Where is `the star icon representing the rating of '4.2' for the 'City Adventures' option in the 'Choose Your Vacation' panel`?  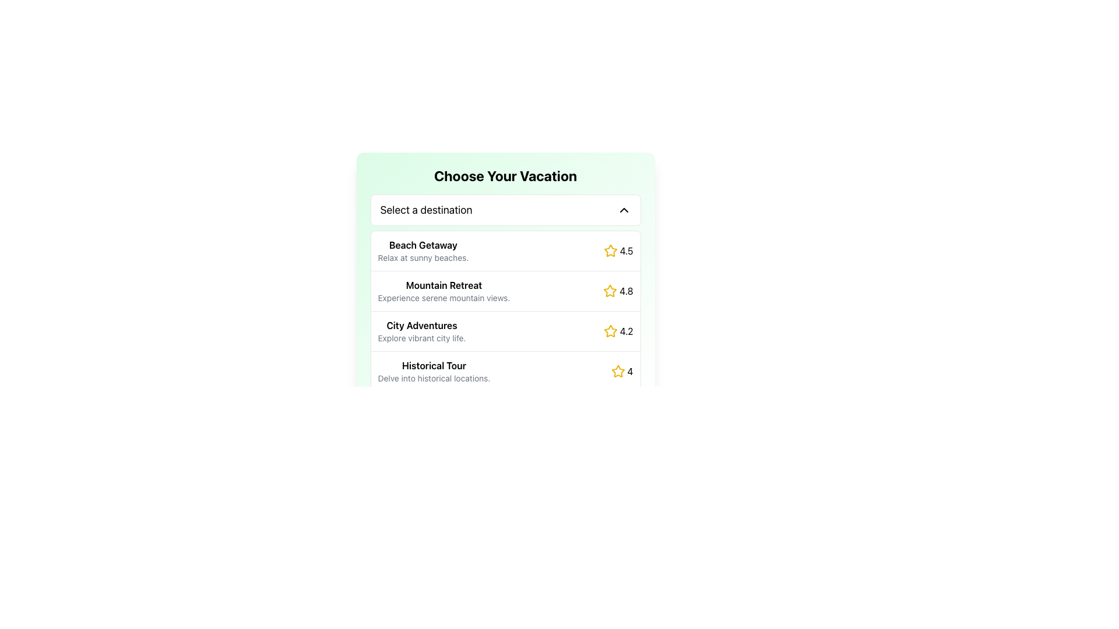 the star icon representing the rating of '4.2' for the 'City Adventures' option in the 'Choose Your Vacation' panel is located at coordinates (610, 331).